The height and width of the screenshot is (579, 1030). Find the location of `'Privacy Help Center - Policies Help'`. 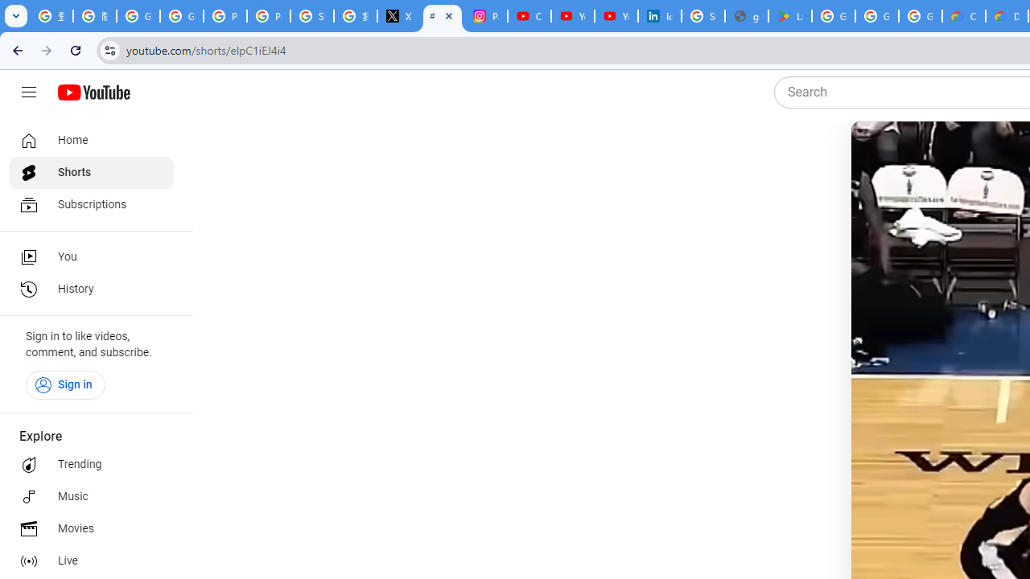

'Privacy Help Center - Policies Help' is located at coordinates (225, 16).